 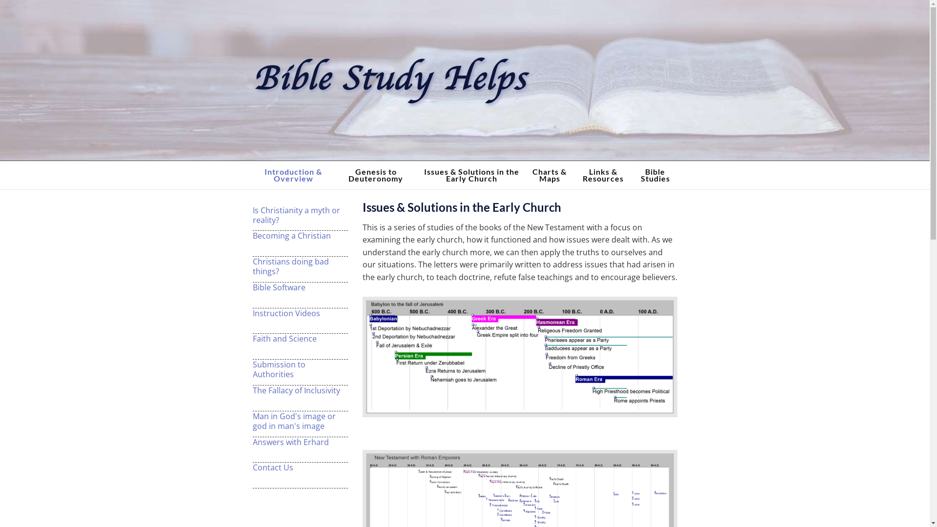 What do you see at coordinates (300, 235) in the screenshot?
I see `'Becoming a Christian'` at bounding box center [300, 235].